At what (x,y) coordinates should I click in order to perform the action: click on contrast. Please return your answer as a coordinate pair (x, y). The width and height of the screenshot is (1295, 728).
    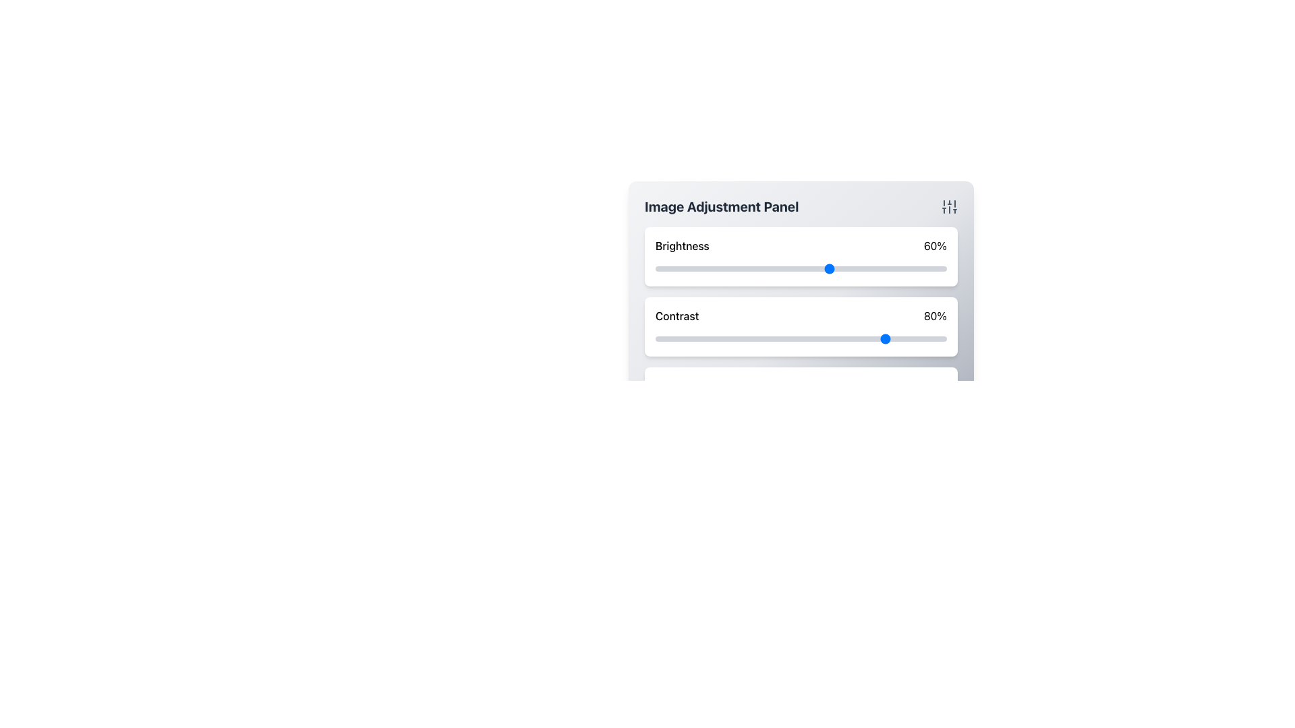
    Looking at the image, I should click on (687, 338).